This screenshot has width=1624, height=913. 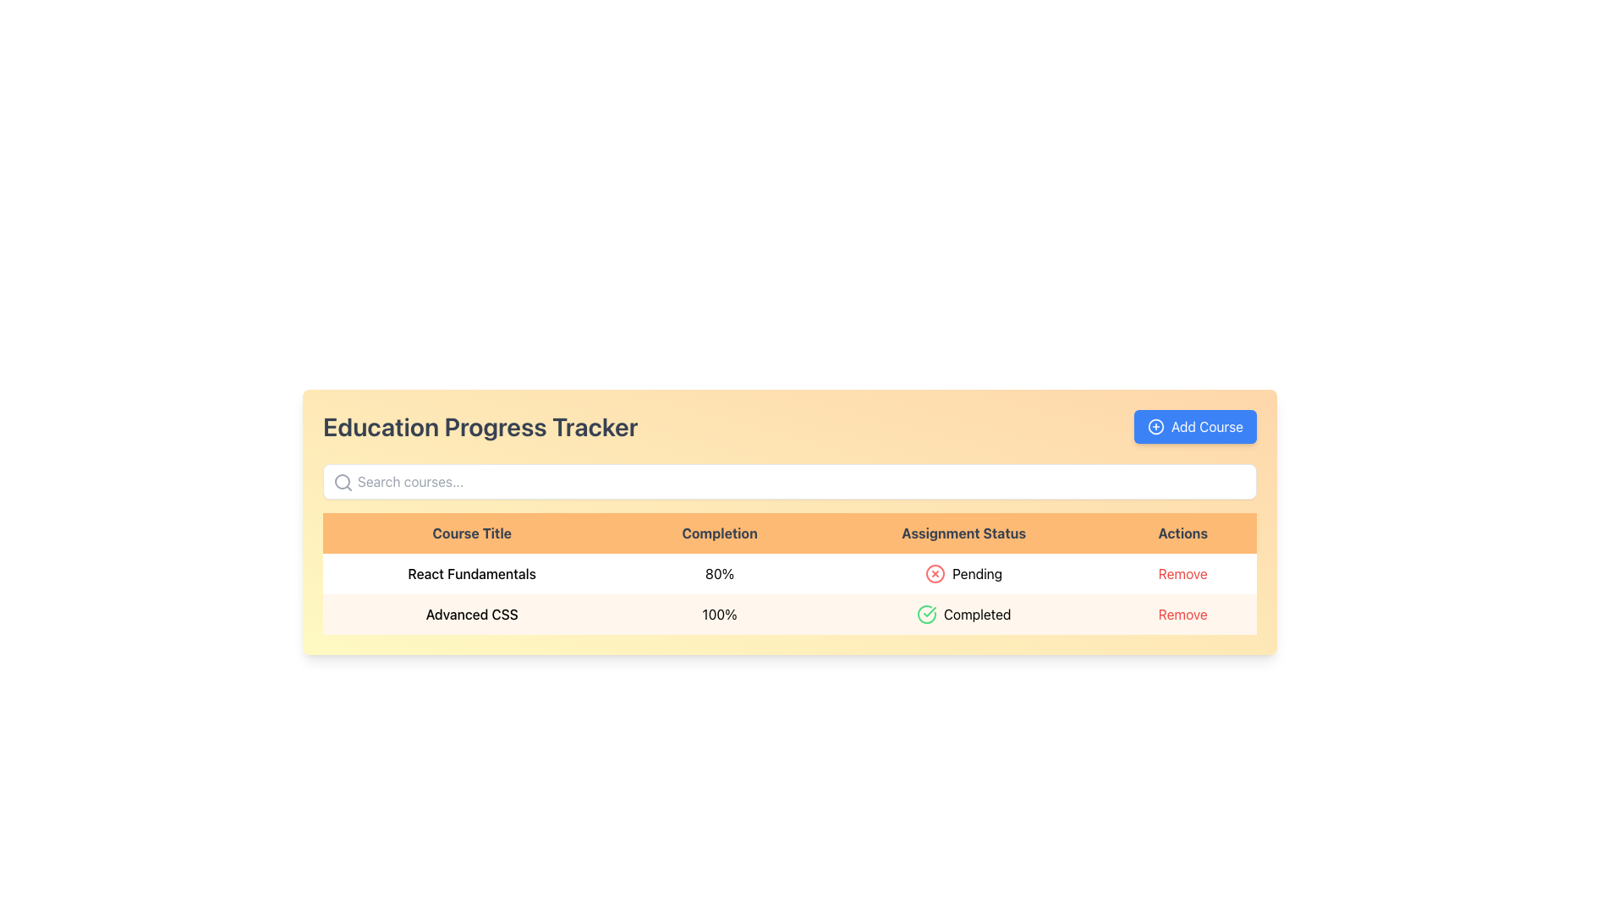 What do you see at coordinates (925, 614) in the screenshot?
I see `the green circular icon with a checkmark located next to the 'Completed' text under the 'Assignment Status' column for 'Advanced CSS'` at bounding box center [925, 614].